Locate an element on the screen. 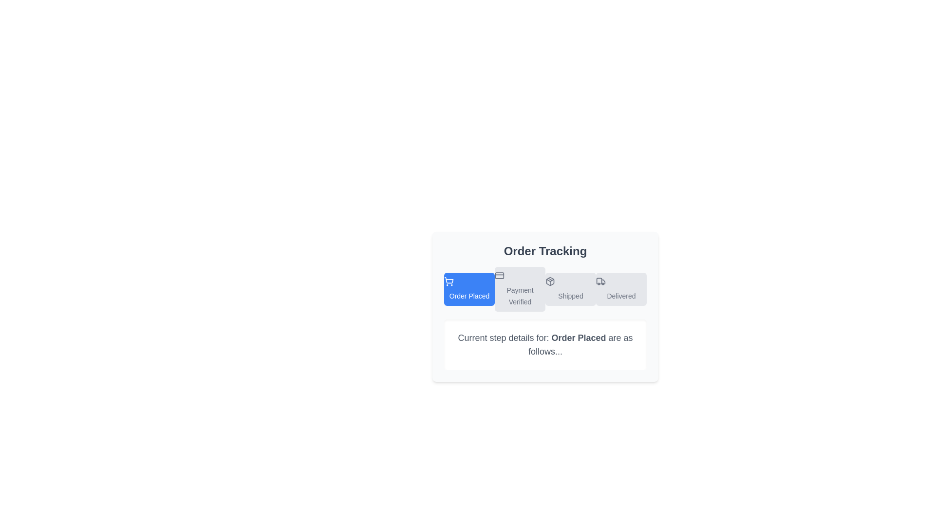  the rectangular graphical element that represents the main body of the credit card icon, which is part of the 'Payment Verified' step in the process tracker is located at coordinates (500, 276).